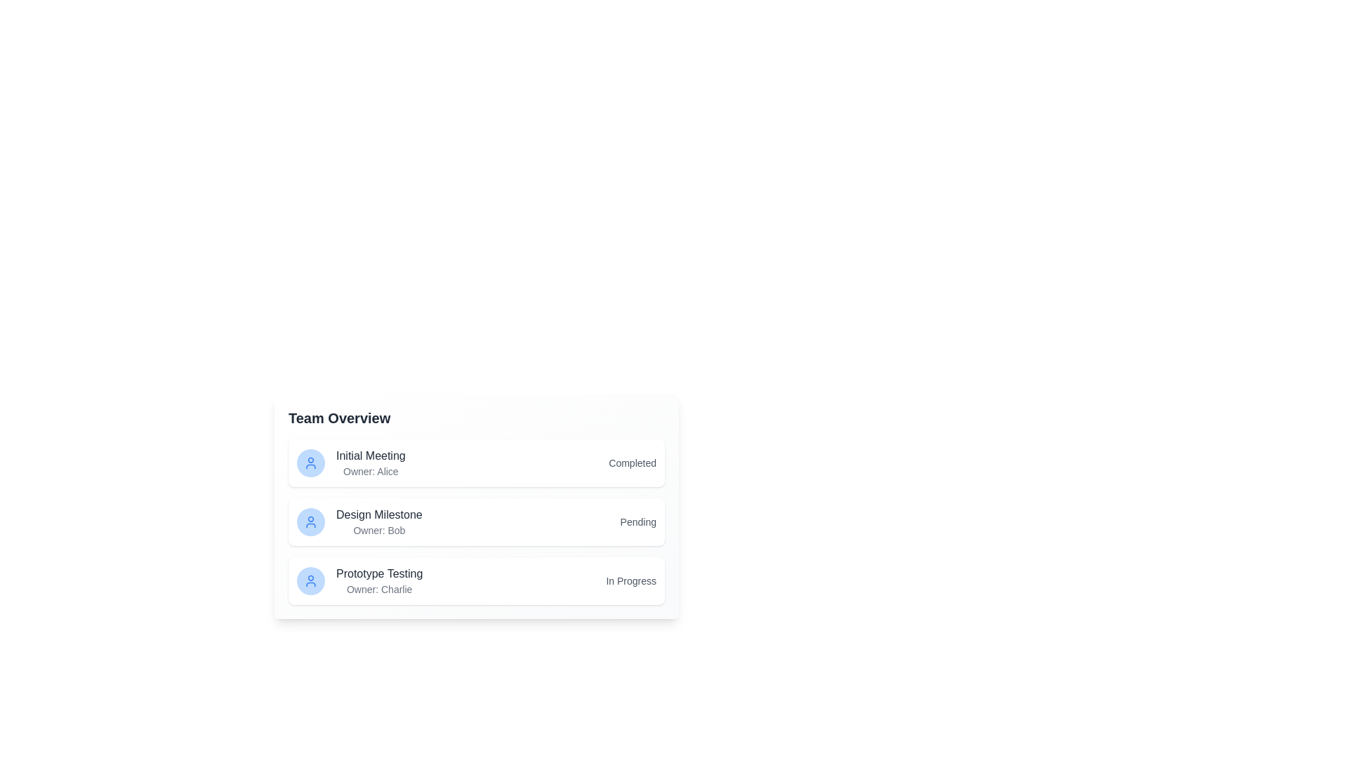 The width and height of the screenshot is (1348, 758). What do you see at coordinates (632, 463) in the screenshot?
I see `the status indicator text label that signifies the completion state of the task or meeting, located at the right end of the card, aligned horizontally with 'Initial Meeting' and 'Owner: Alice'` at bounding box center [632, 463].